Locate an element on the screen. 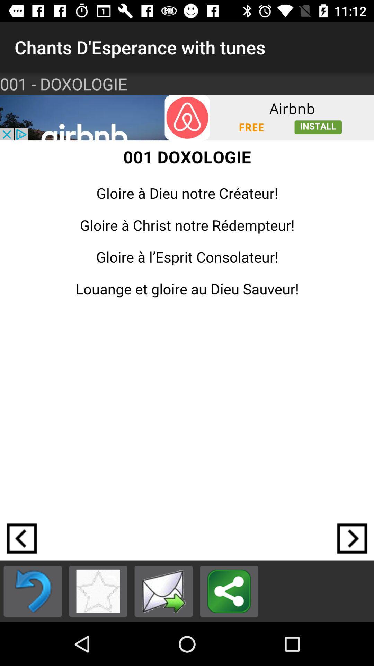 The height and width of the screenshot is (666, 374). to favorites is located at coordinates (98, 591).